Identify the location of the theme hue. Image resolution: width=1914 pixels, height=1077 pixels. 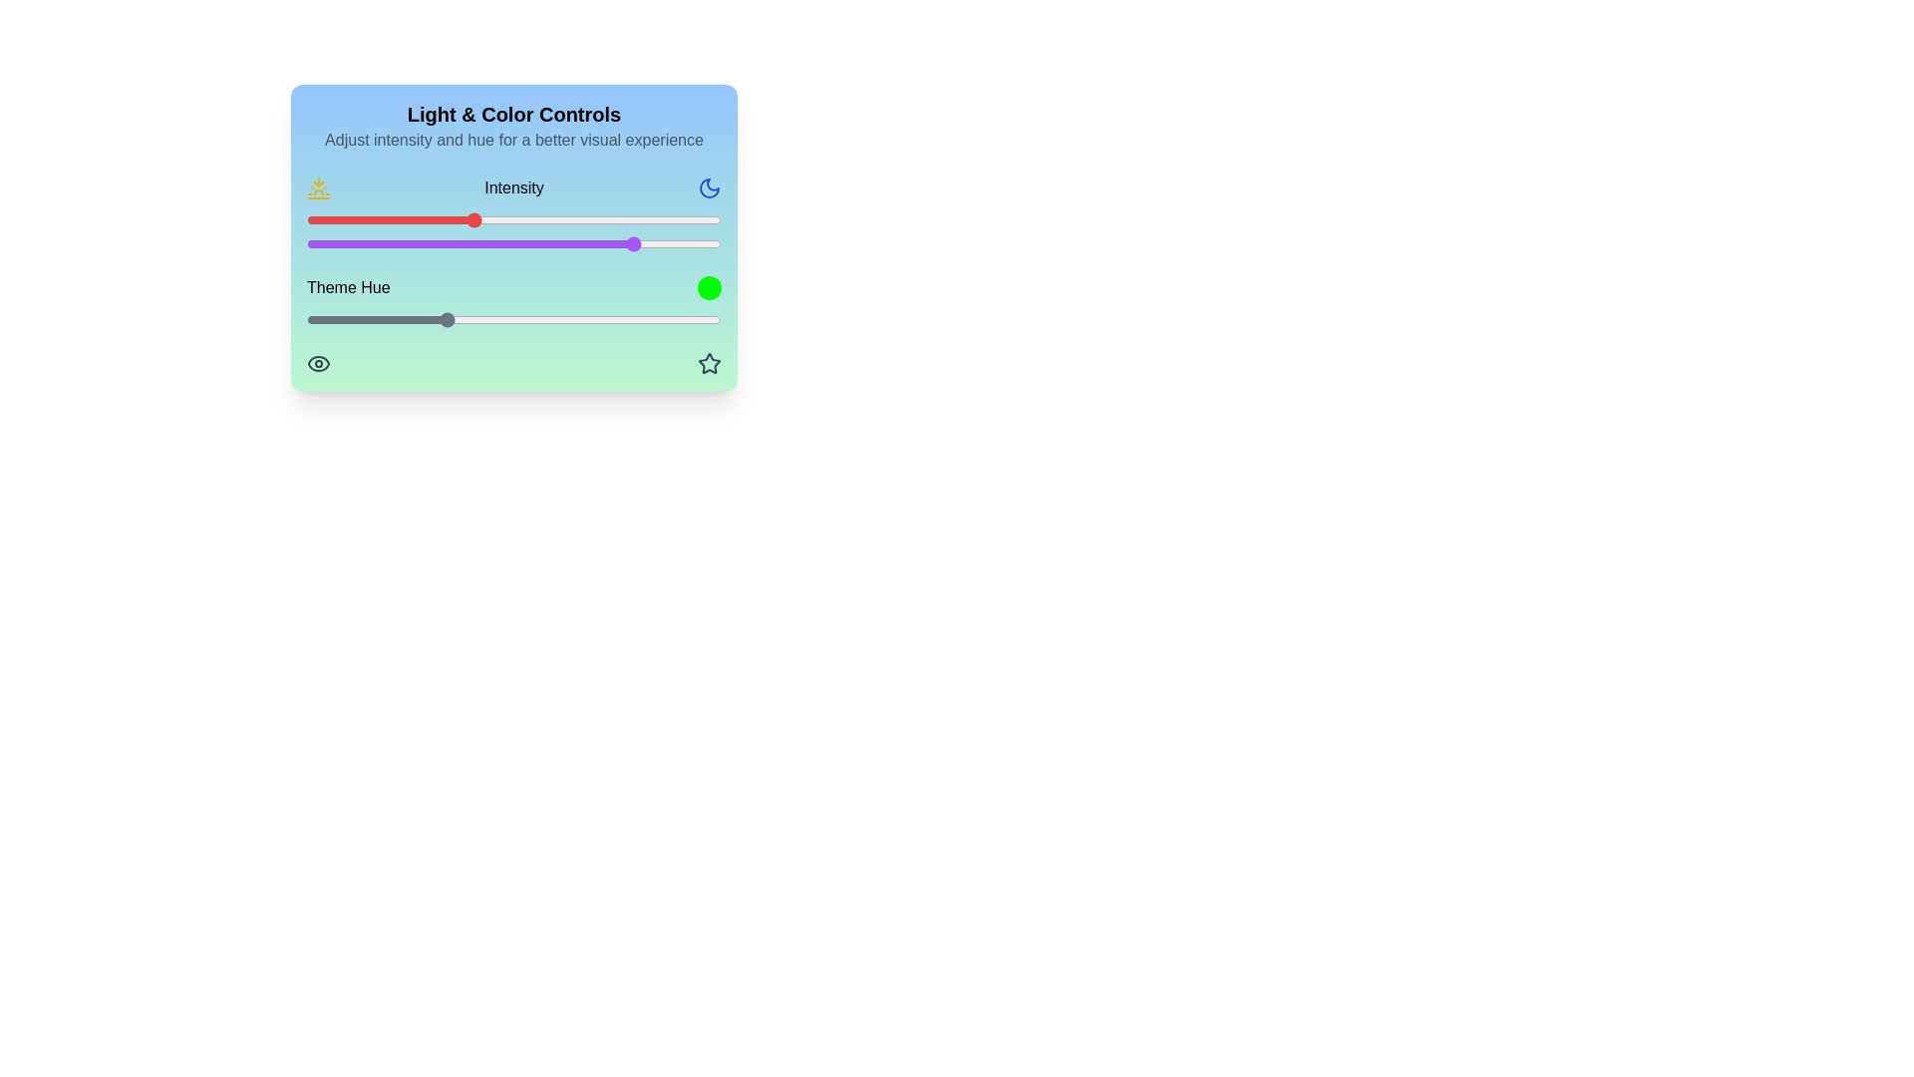
(493, 318).